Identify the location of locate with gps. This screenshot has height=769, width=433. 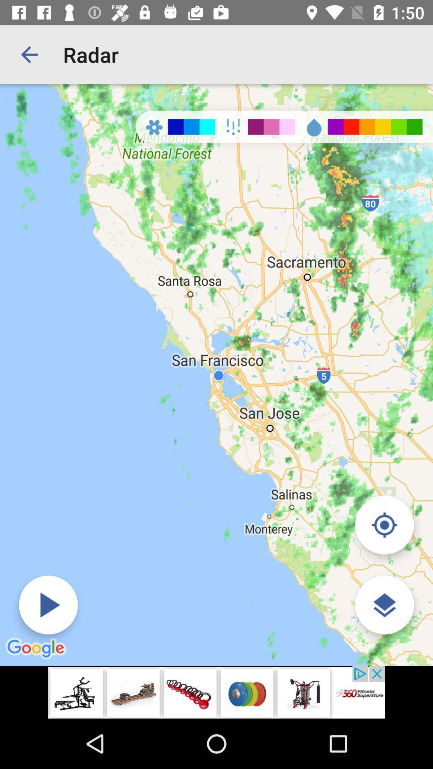
(384, 525).